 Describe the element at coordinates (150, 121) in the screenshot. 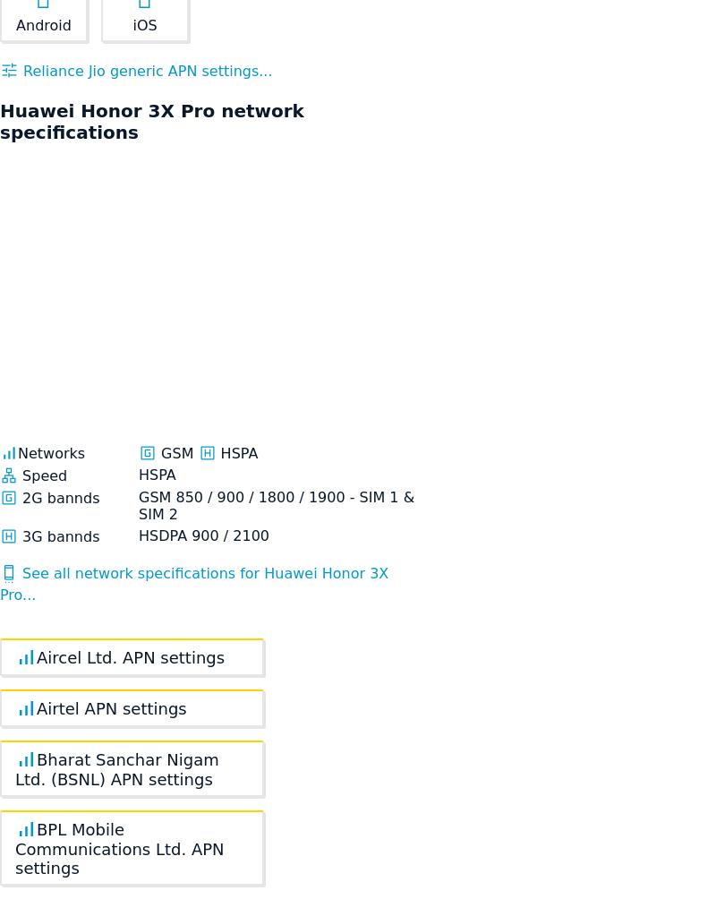

I see `'Huawei Honor 3X Pro network specifications'` at that location.